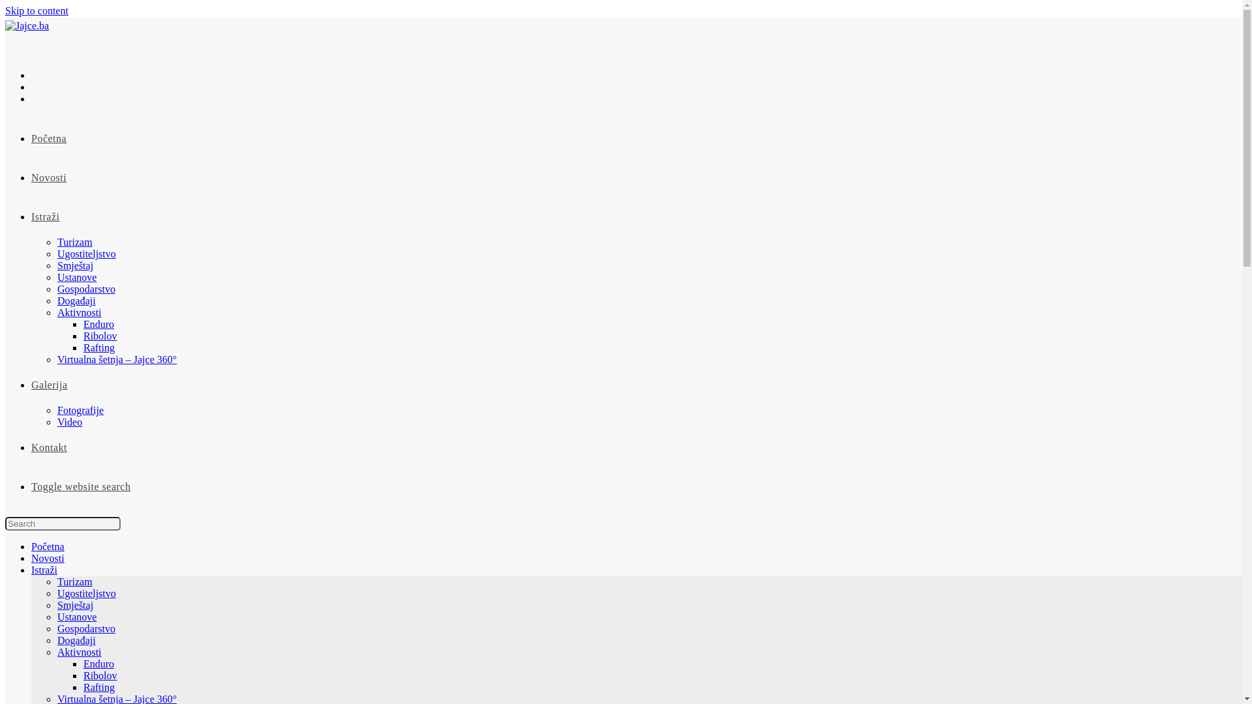  What do you see at coordinates (76, 616) in the screenshot?
I see `'Ustanove'` at bounding box center [76, 616].